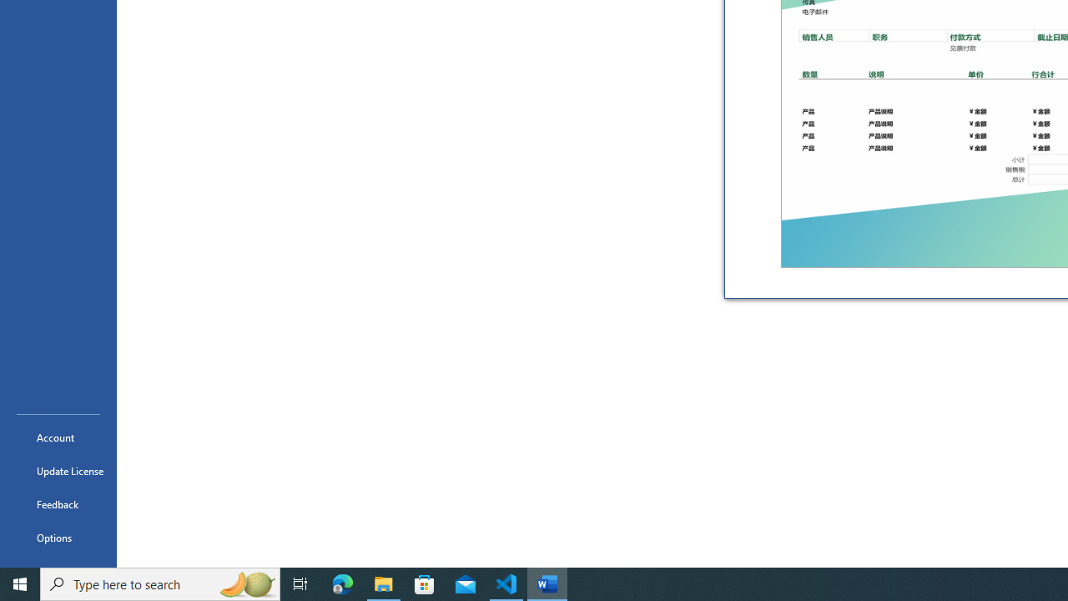  What do you see at coordinates (20, 583) in the screenshot?
I see `'Start'` at bounding box center [20, 583].